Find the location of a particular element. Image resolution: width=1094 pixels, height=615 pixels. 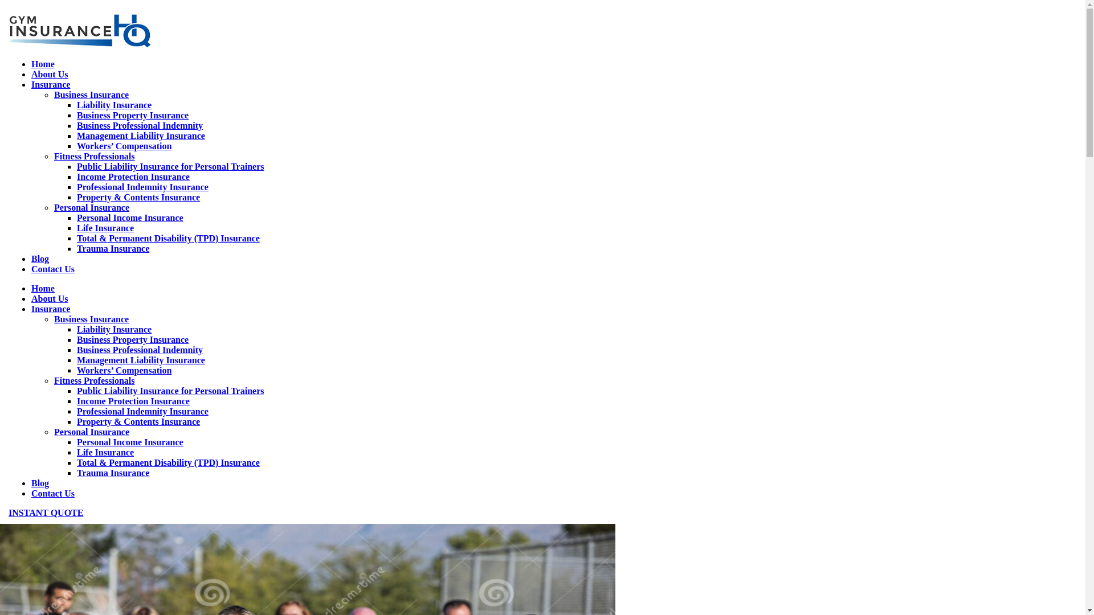

'Personal Insurance' is located at coordinates (92, 207).